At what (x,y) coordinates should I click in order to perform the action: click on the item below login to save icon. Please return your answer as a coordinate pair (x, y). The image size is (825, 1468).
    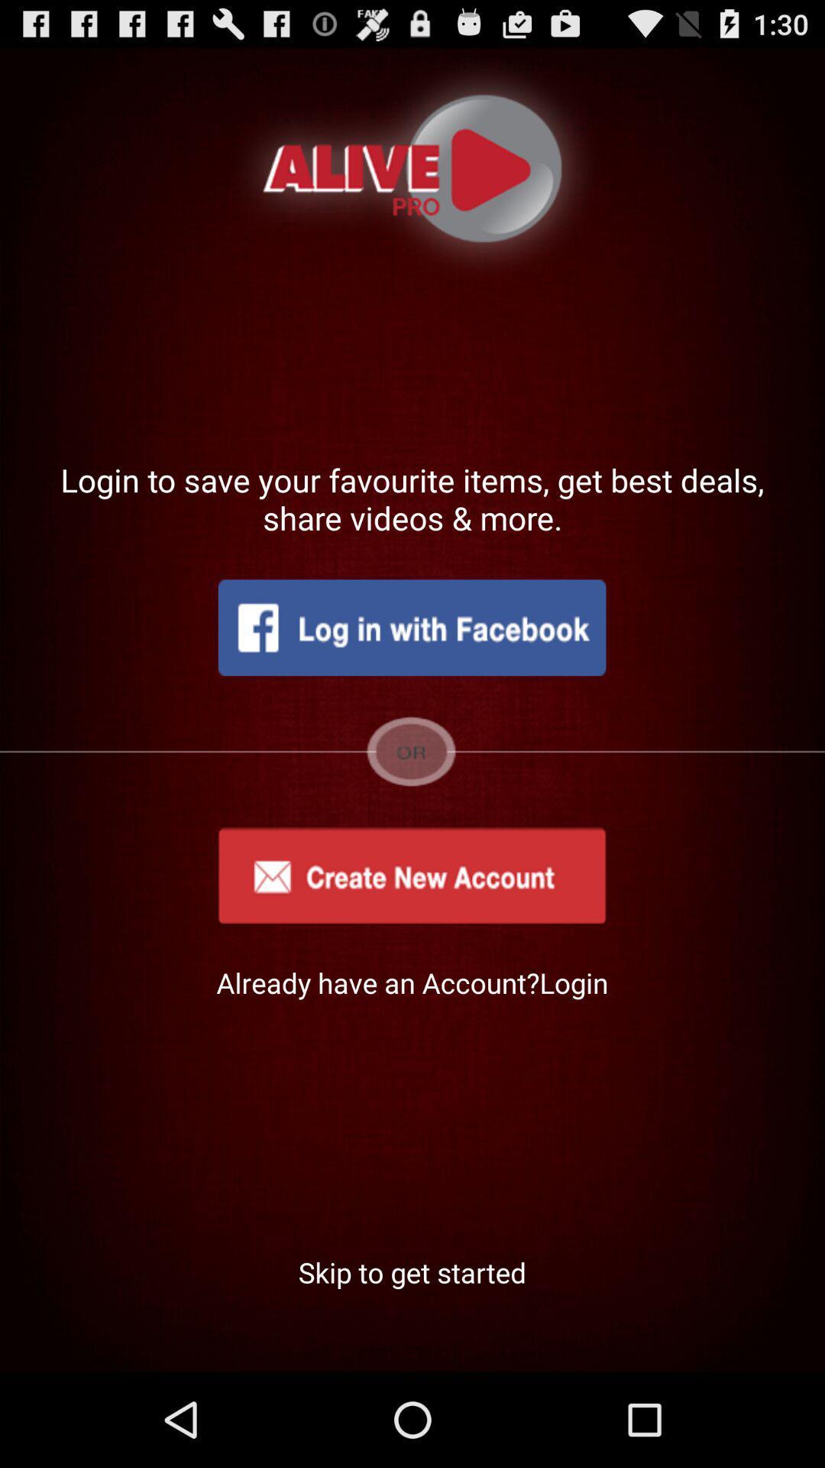
    Looking at the image, I should click on (411, 628).